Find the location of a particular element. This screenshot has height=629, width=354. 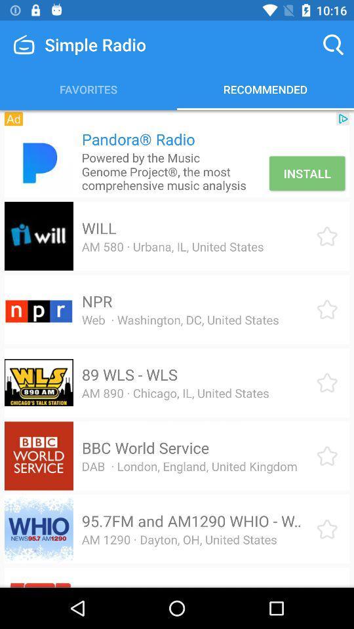

am 1290 dayton item is located at coordinates (178, 539).